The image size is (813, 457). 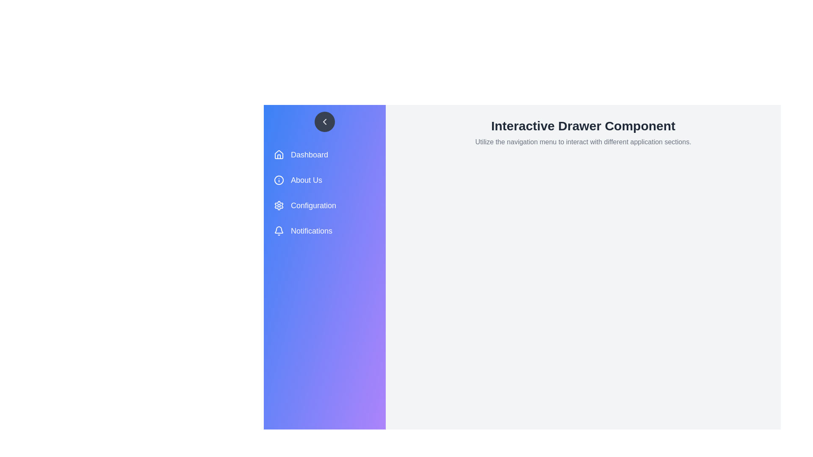 What do you see at coordinates (313, 206) in the screenshot?
I see `the third text label in the vertical navigation list, located below 'About Us' and above 'Notifications'` at bounding box center [313, 206].